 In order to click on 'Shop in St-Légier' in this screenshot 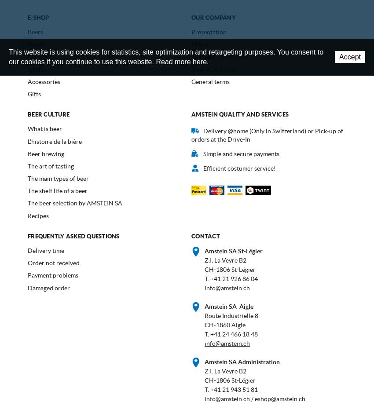, I will do `click(214, 69)`.